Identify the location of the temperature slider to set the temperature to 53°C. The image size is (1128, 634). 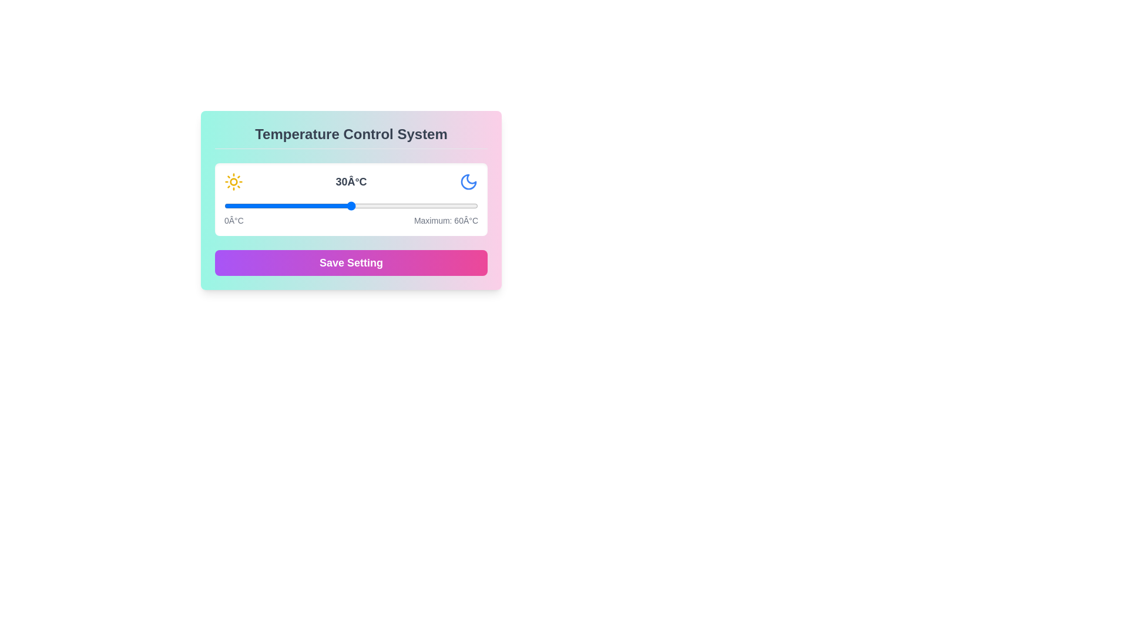
(448, 205).